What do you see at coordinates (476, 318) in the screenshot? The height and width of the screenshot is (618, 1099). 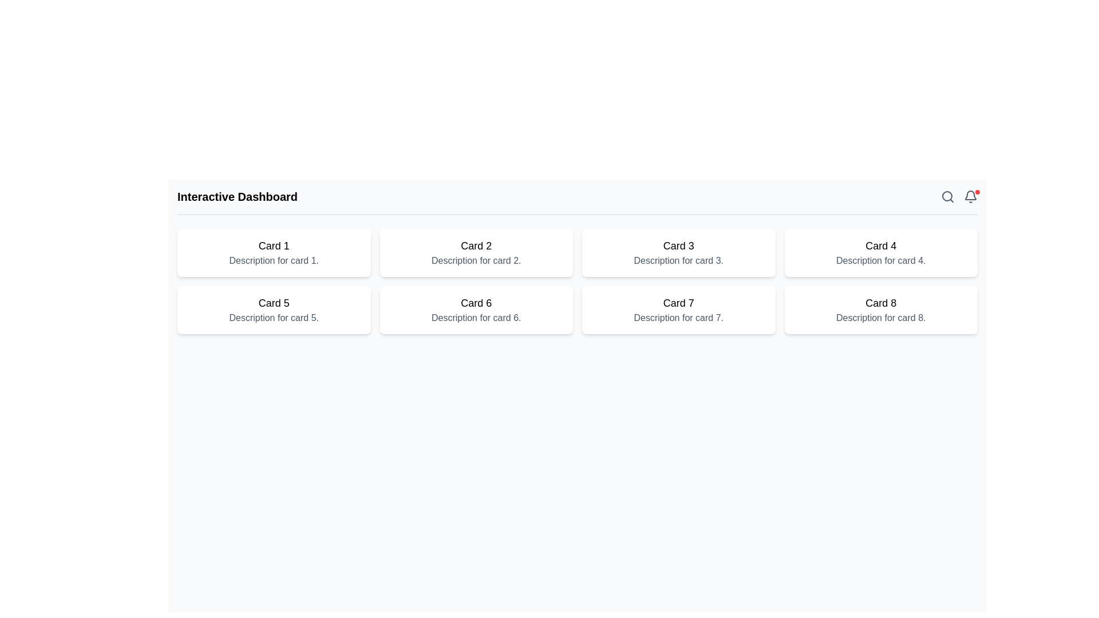 I see `the Text Label that reads 'Description for card 6.' which is located below the title 'Card 6' in the card positioned in the second row and third column of the grid` at bounding box center [476, 318].